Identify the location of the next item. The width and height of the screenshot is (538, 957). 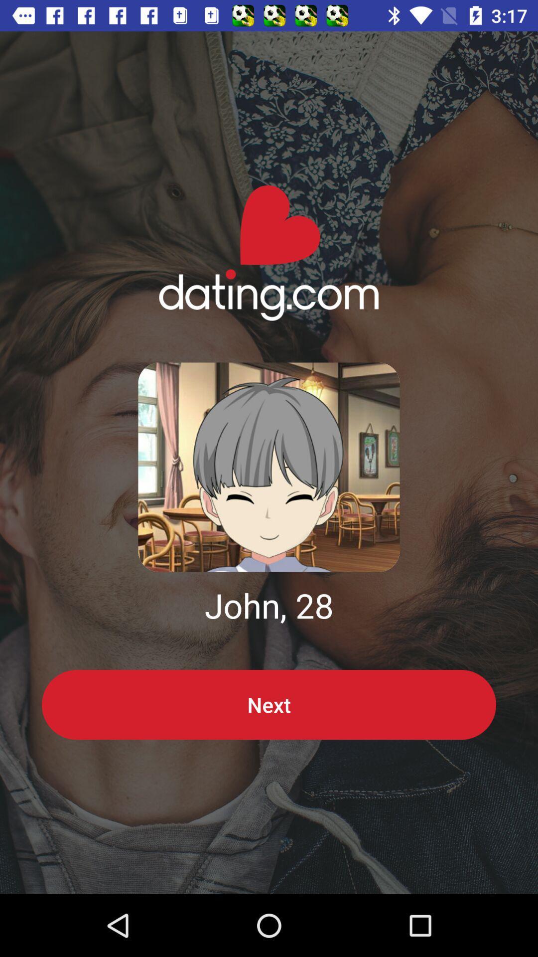
(269, 704).